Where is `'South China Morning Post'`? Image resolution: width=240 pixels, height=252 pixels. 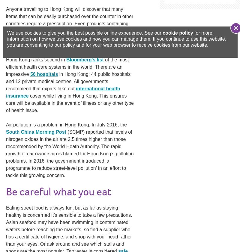
'South China Morning Post' is located at coordinates (36, 132).